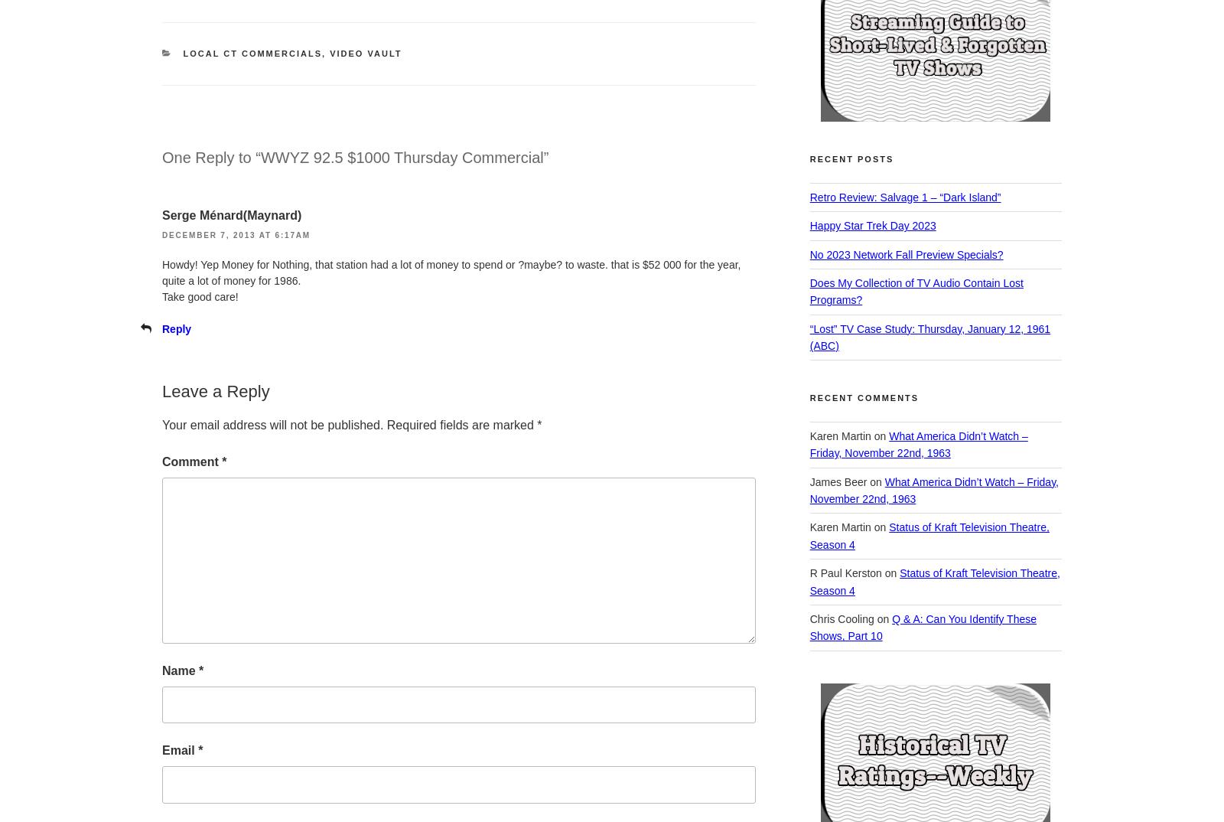 This screenshot has width=1224, height=822. What do you see at coordinates (162, 669) in the screenshot?
I see `'Name'` at bounding box center [162, 669].